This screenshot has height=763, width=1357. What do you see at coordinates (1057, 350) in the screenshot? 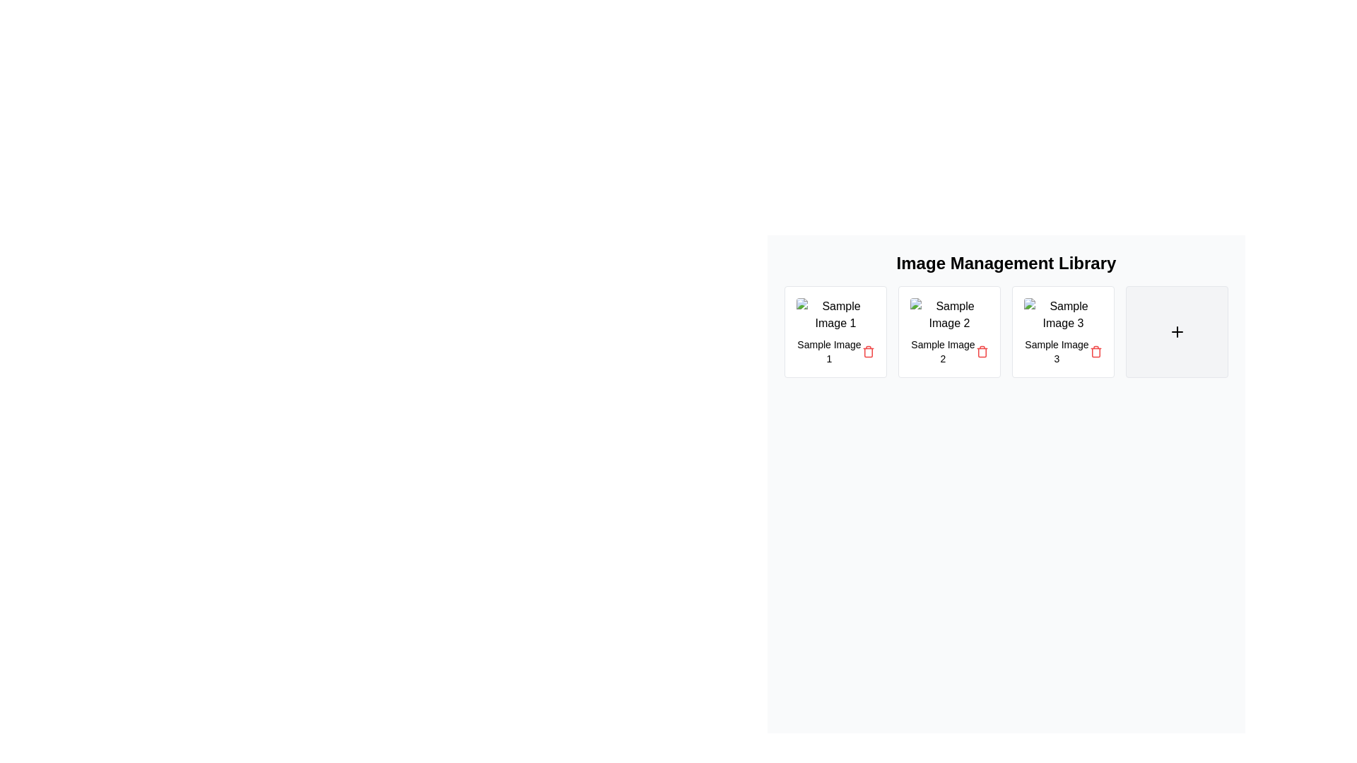
I see `text label that identifies the image thumbnail for 'Sample Image 3', located below the thumbnail and positioned as the third item in the image management library` at bounding box center [1057, 350].